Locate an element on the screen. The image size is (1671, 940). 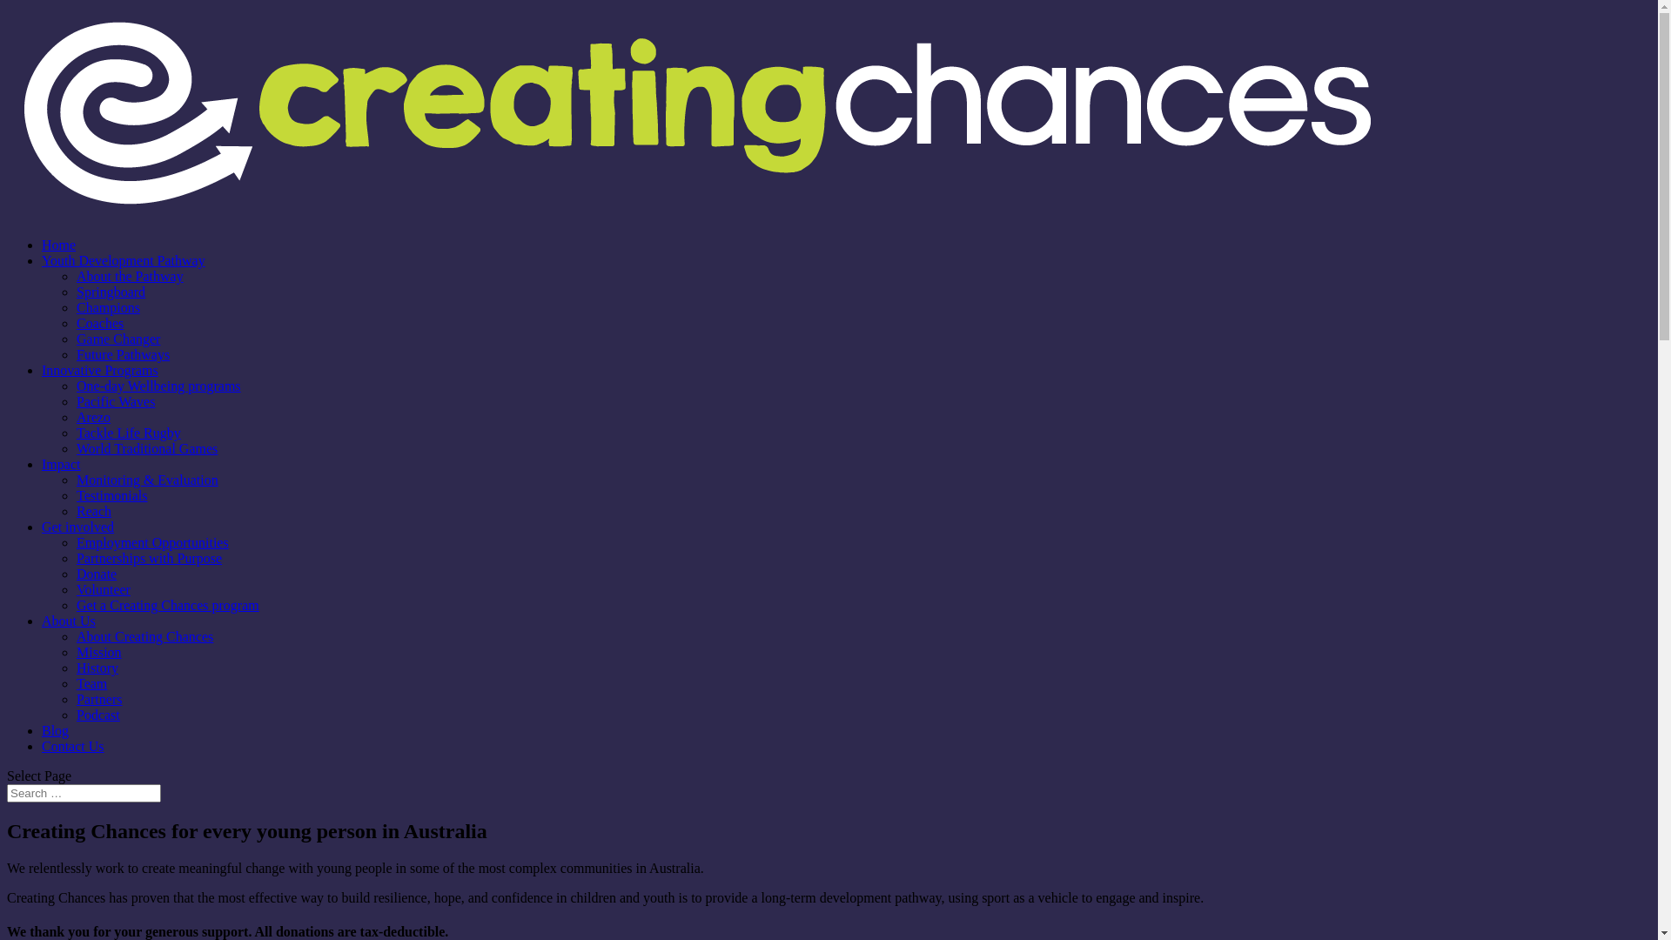
'World Traditional Games' is located at coordinates (146, 447).